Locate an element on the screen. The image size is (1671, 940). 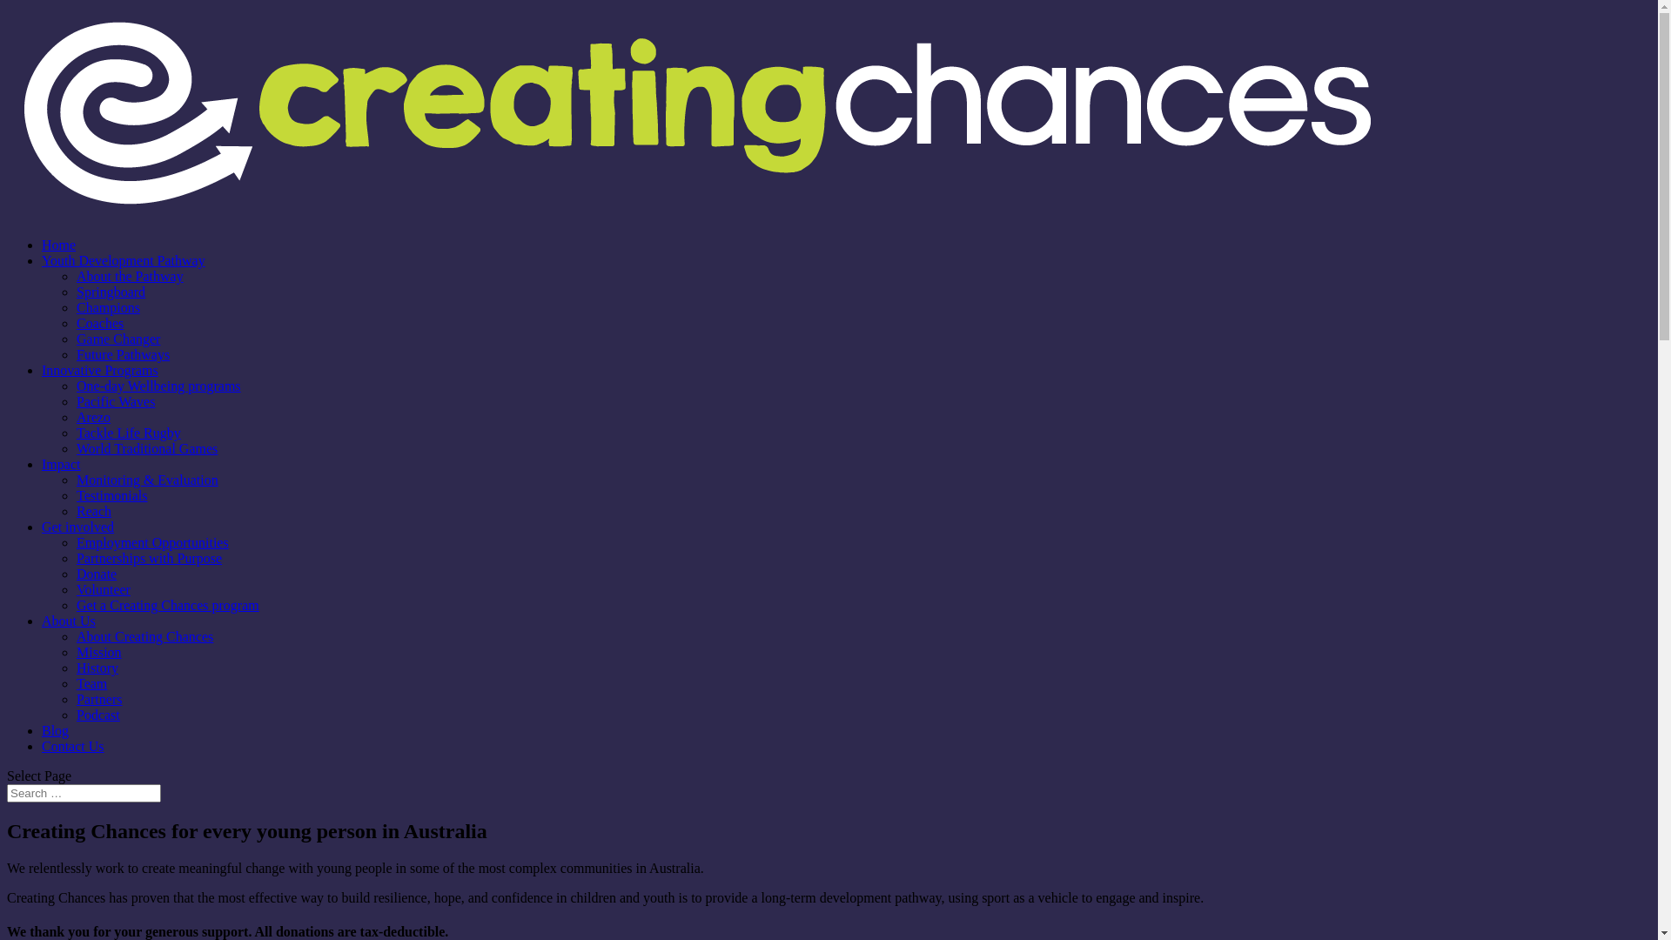
'World Traditional Games' is located at coordinates (146, 447).